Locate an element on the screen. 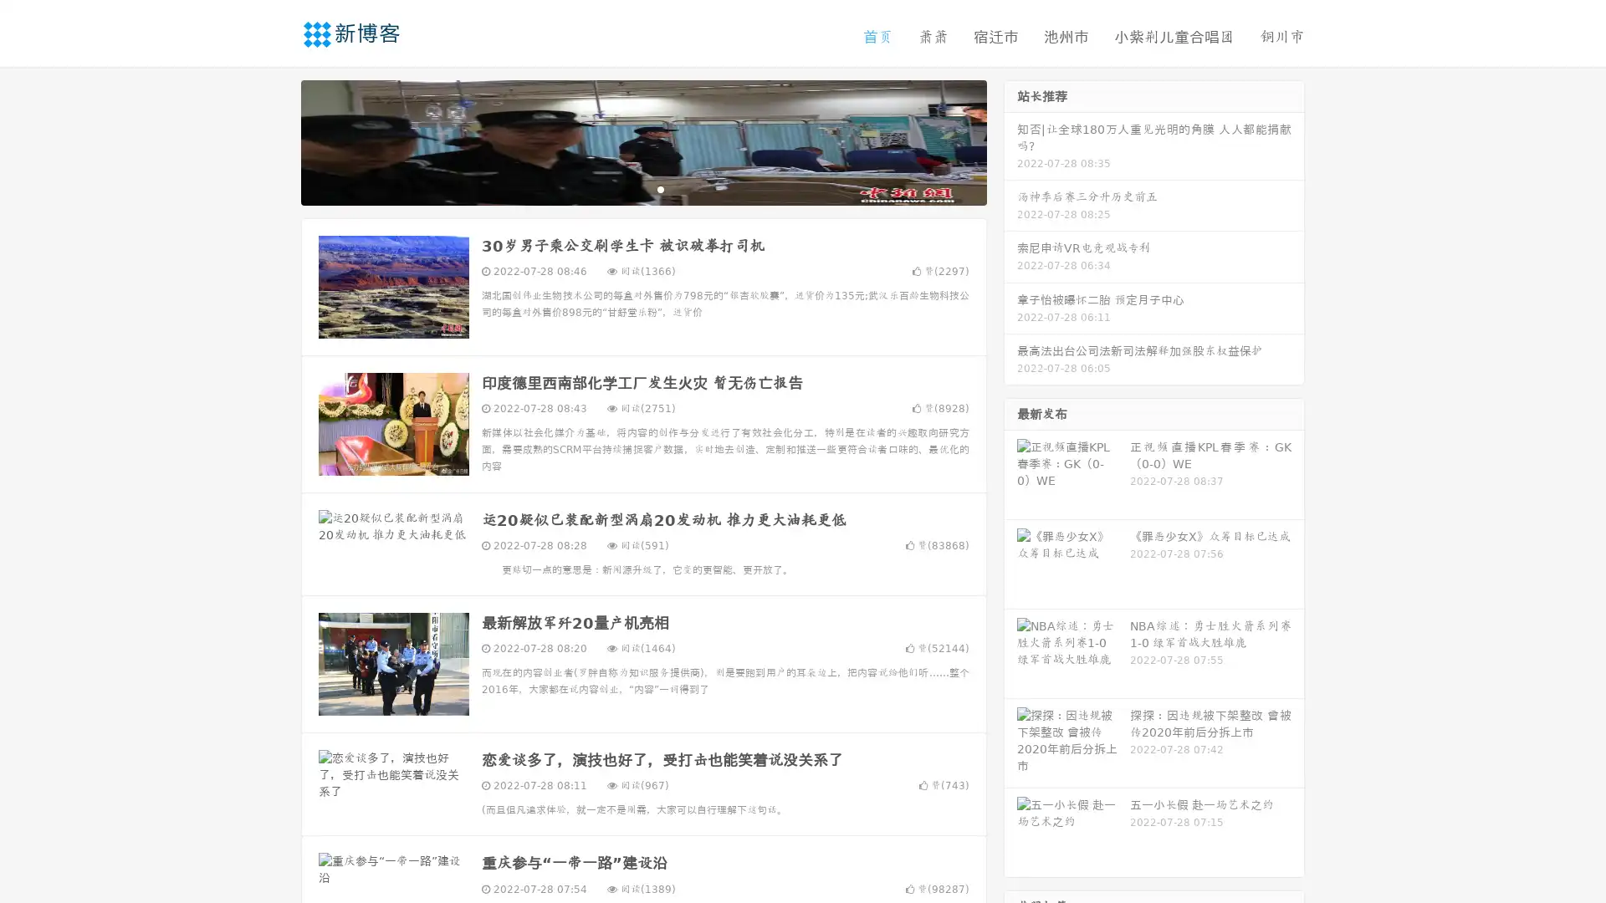  Go to slide 3 is located at coordinates (660, 188).